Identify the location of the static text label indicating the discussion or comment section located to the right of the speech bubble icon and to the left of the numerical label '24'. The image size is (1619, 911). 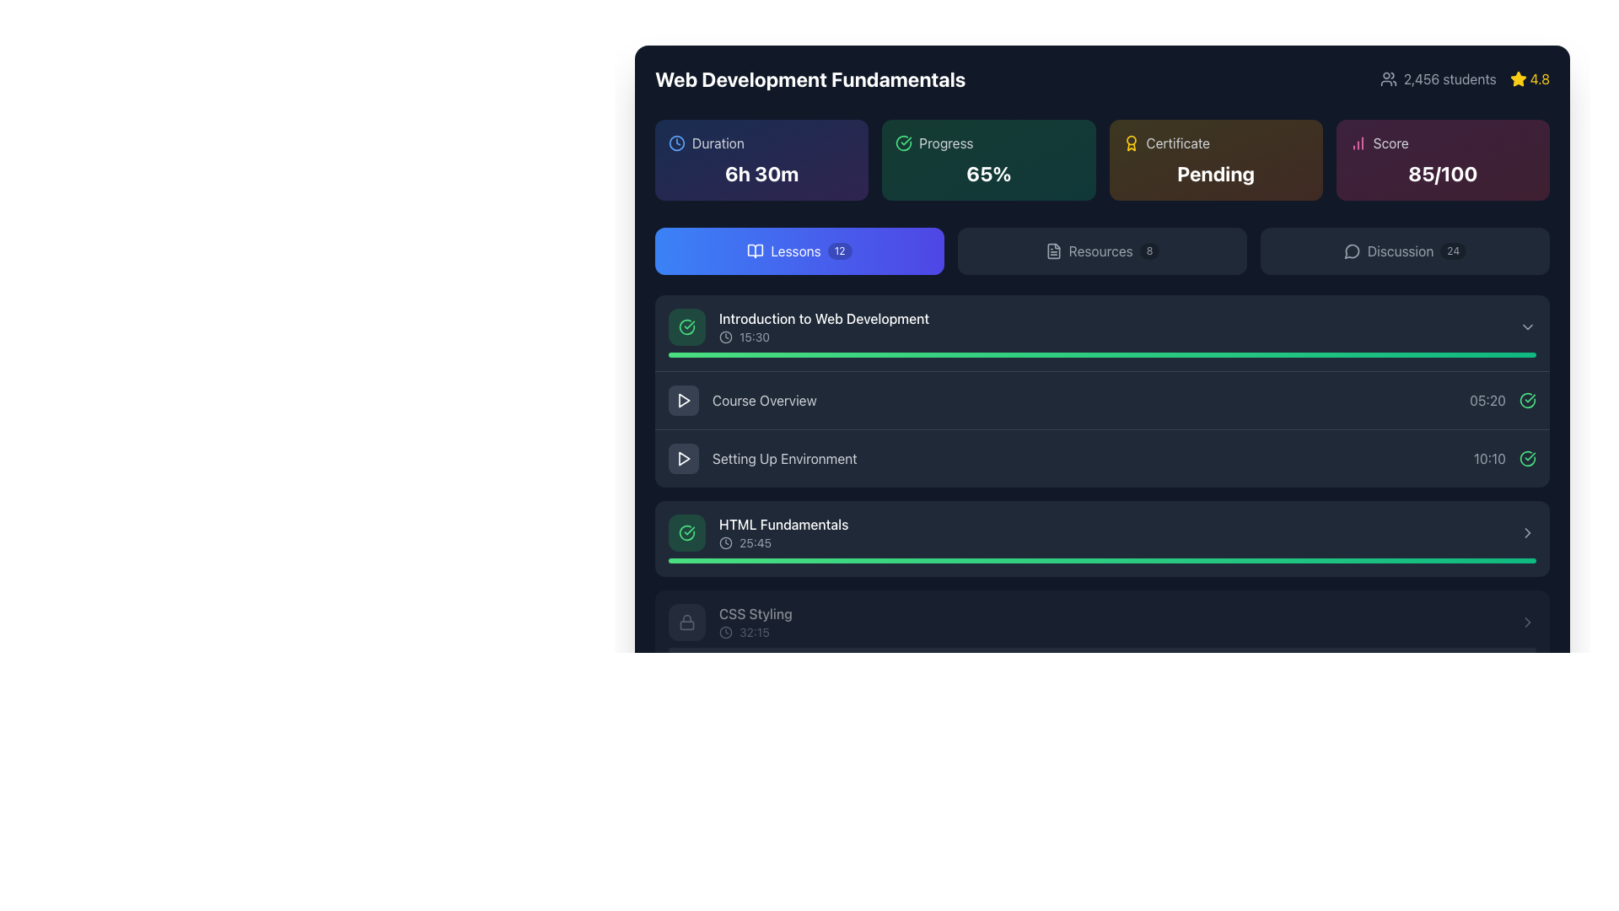
(1401, 251).